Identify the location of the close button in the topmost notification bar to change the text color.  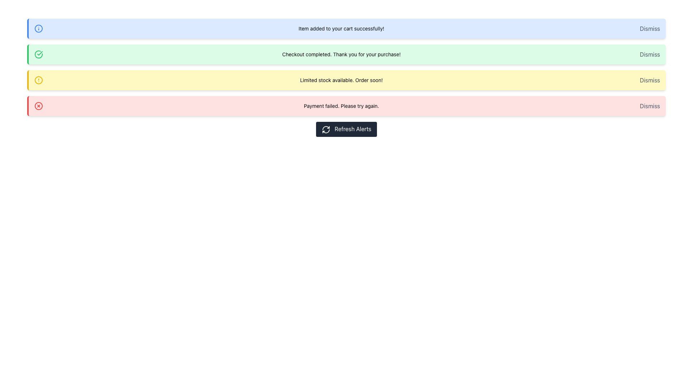
(650, 28).